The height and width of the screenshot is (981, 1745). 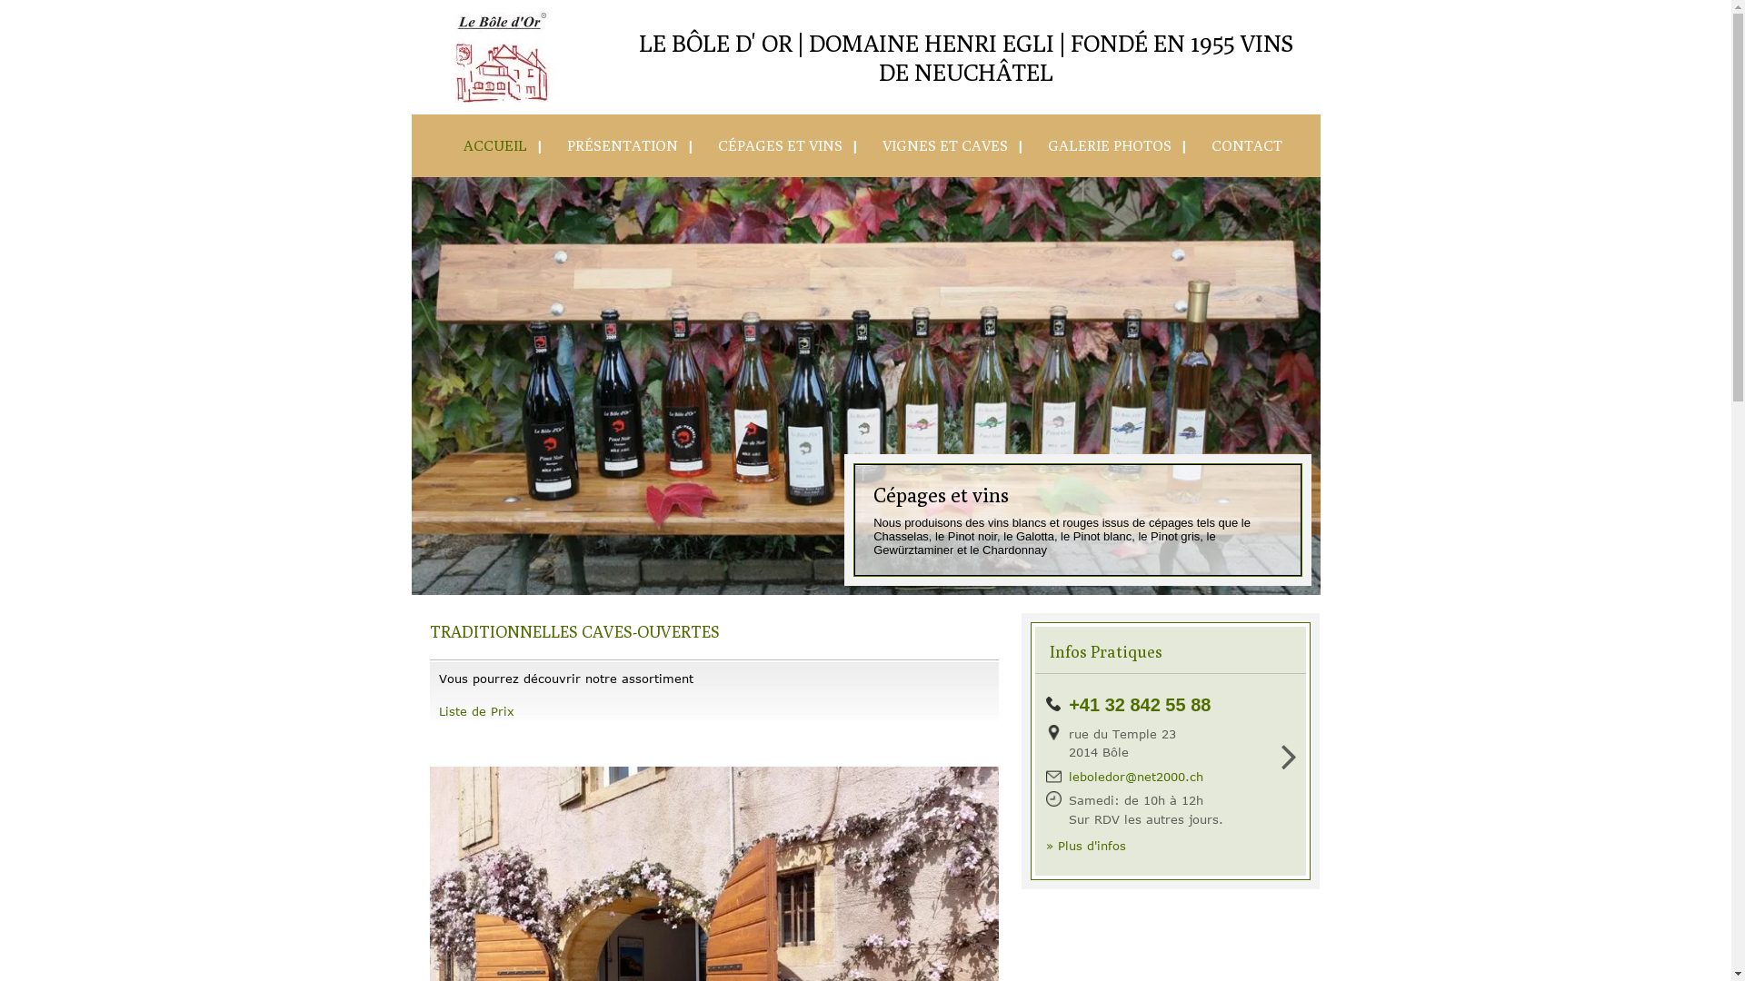 What do you see at coordinates (1102, 144) in the screenshot?
I see `'GALERIE PHOTOS'` at bounding box center [1102, 144].